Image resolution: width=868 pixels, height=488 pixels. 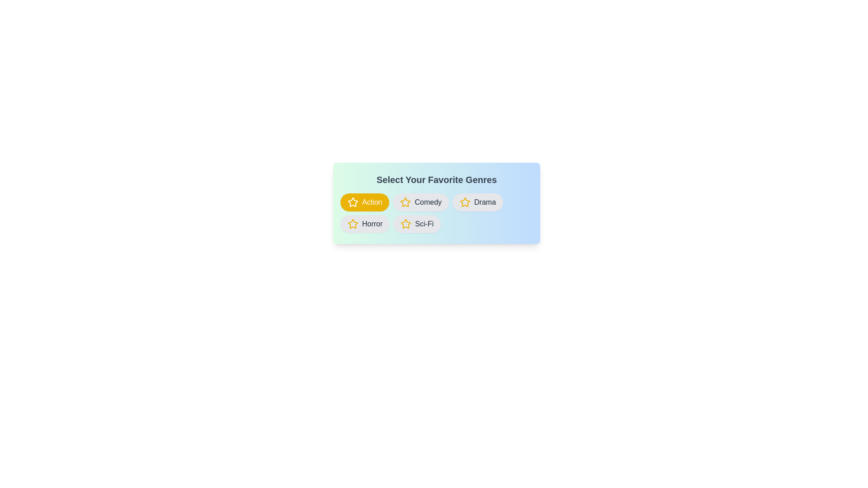 I want to click on the category Sci-Fi to observe the hover effect, so click(x=416, y=224).